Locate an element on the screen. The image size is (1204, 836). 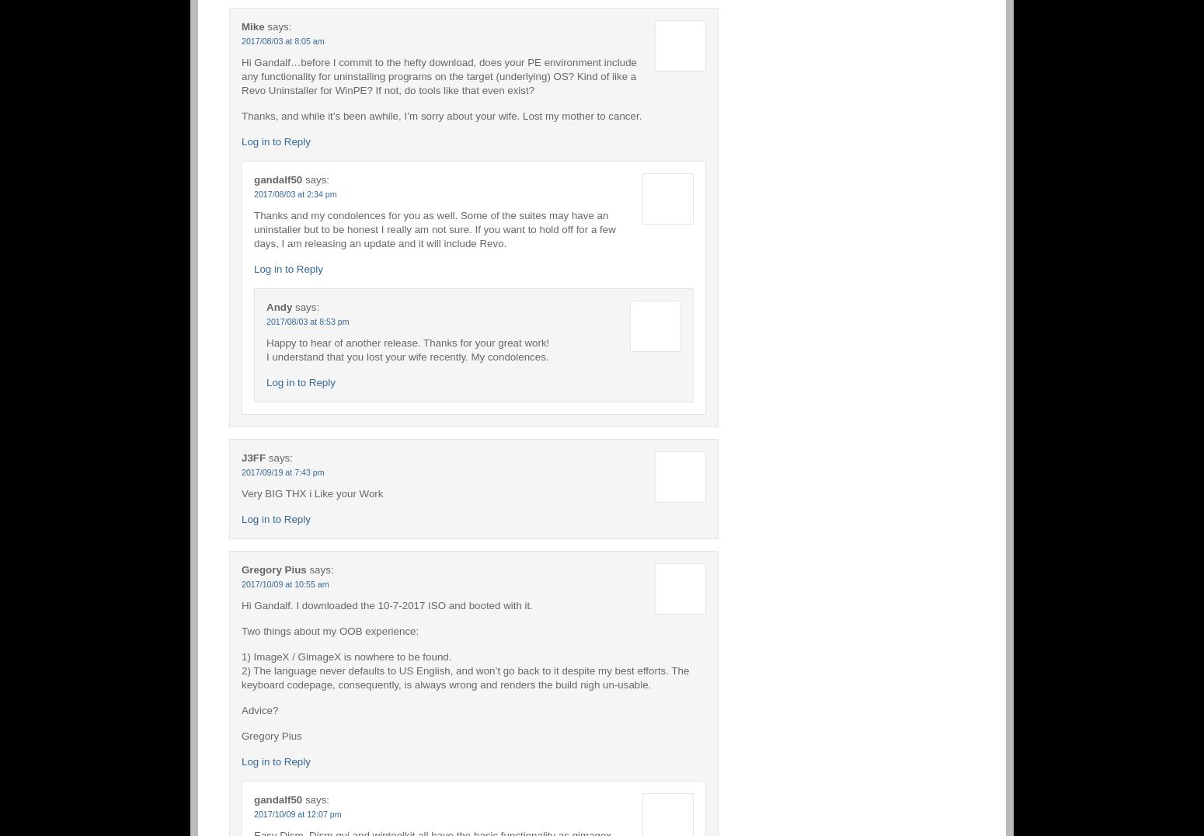
'Advice?' is located at coordinates (259, 709).